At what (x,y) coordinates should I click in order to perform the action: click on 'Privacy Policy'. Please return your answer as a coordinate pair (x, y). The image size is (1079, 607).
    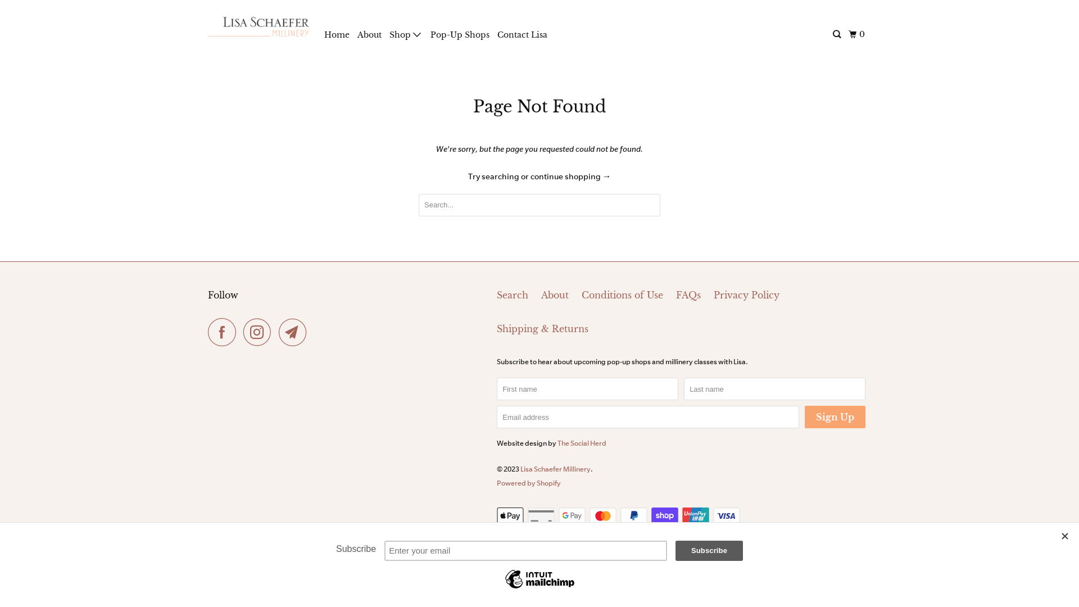
    Looking at the image, I should click on (746, 295).